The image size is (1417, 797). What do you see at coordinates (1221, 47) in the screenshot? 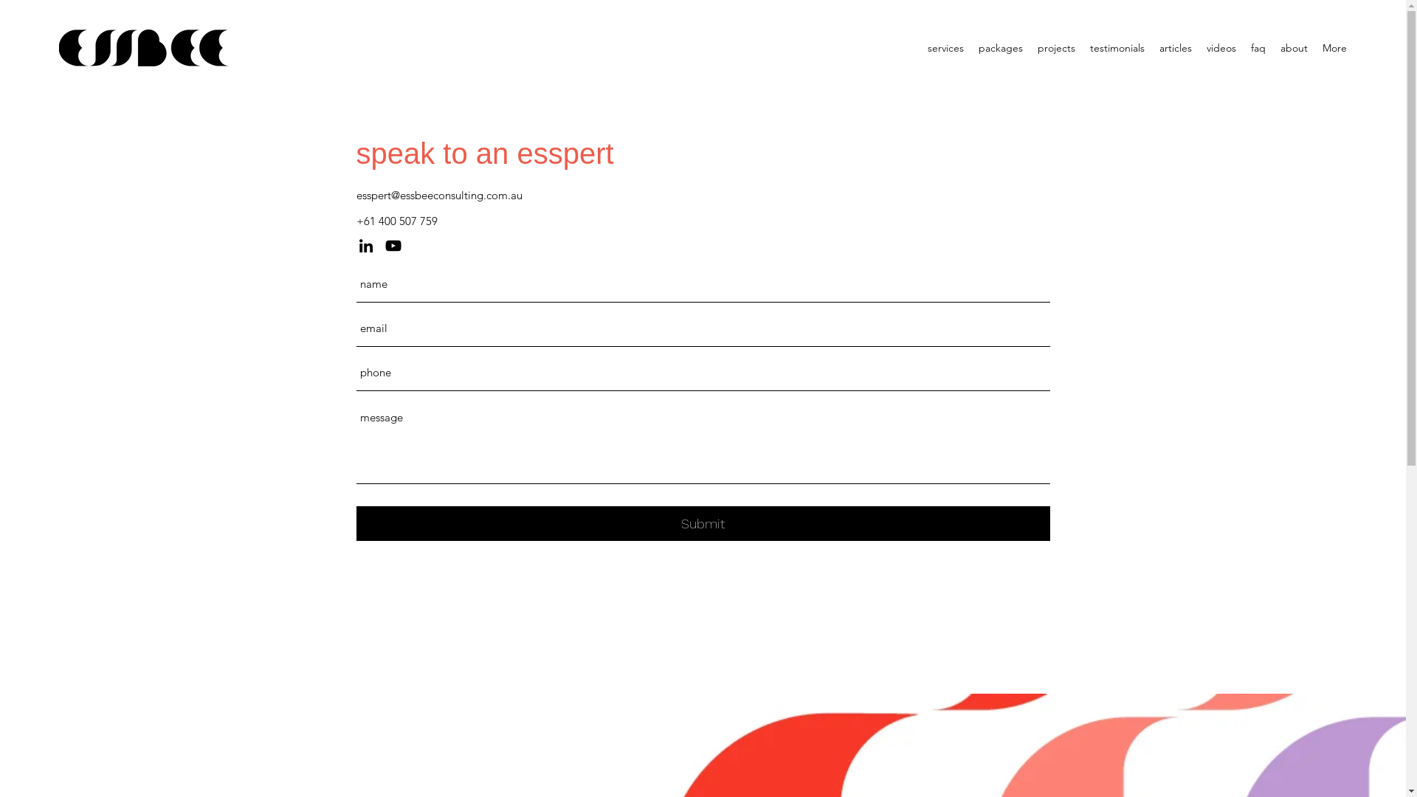
I see `'videos'` at bounding box center [1221, 47].